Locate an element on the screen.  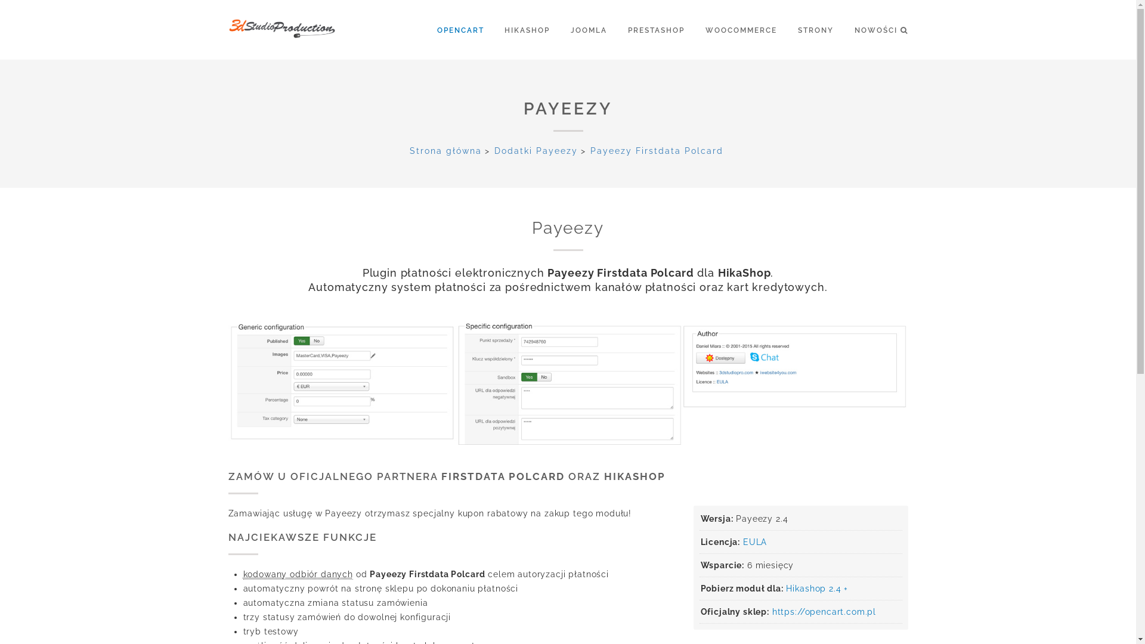
'EULA' is located at coordinates (754, 542).